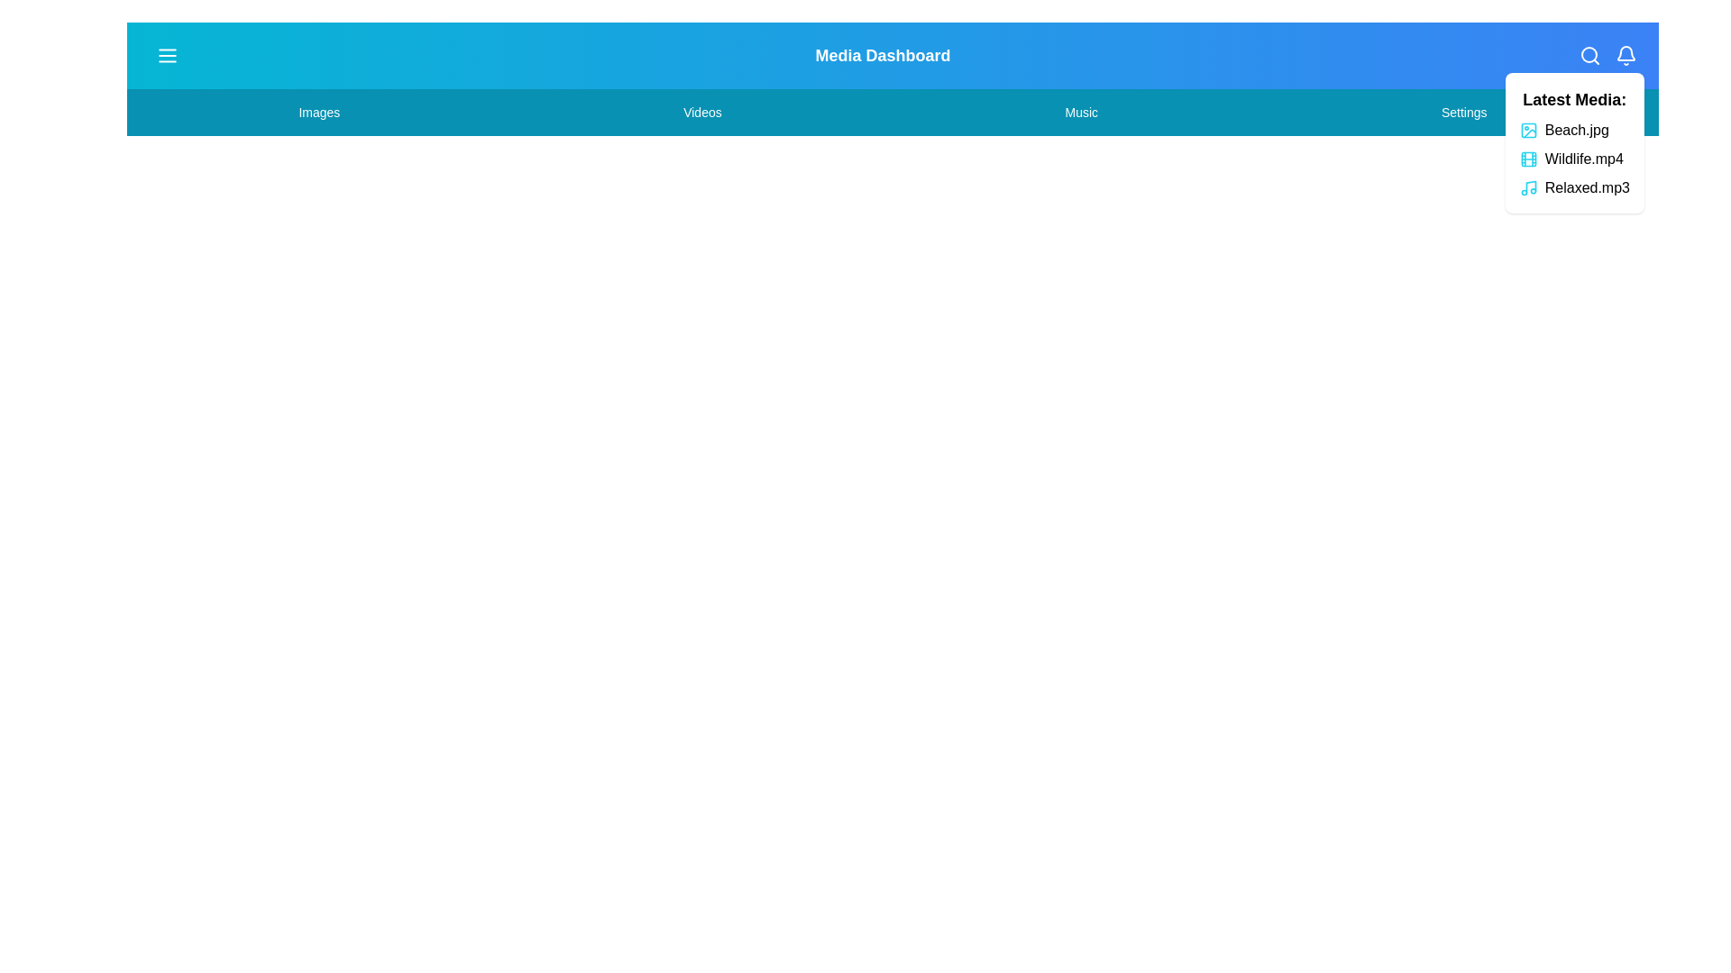 This screenshot has width=1731, height=973. I want to click on the specified icon: search, so click(1589, 54).